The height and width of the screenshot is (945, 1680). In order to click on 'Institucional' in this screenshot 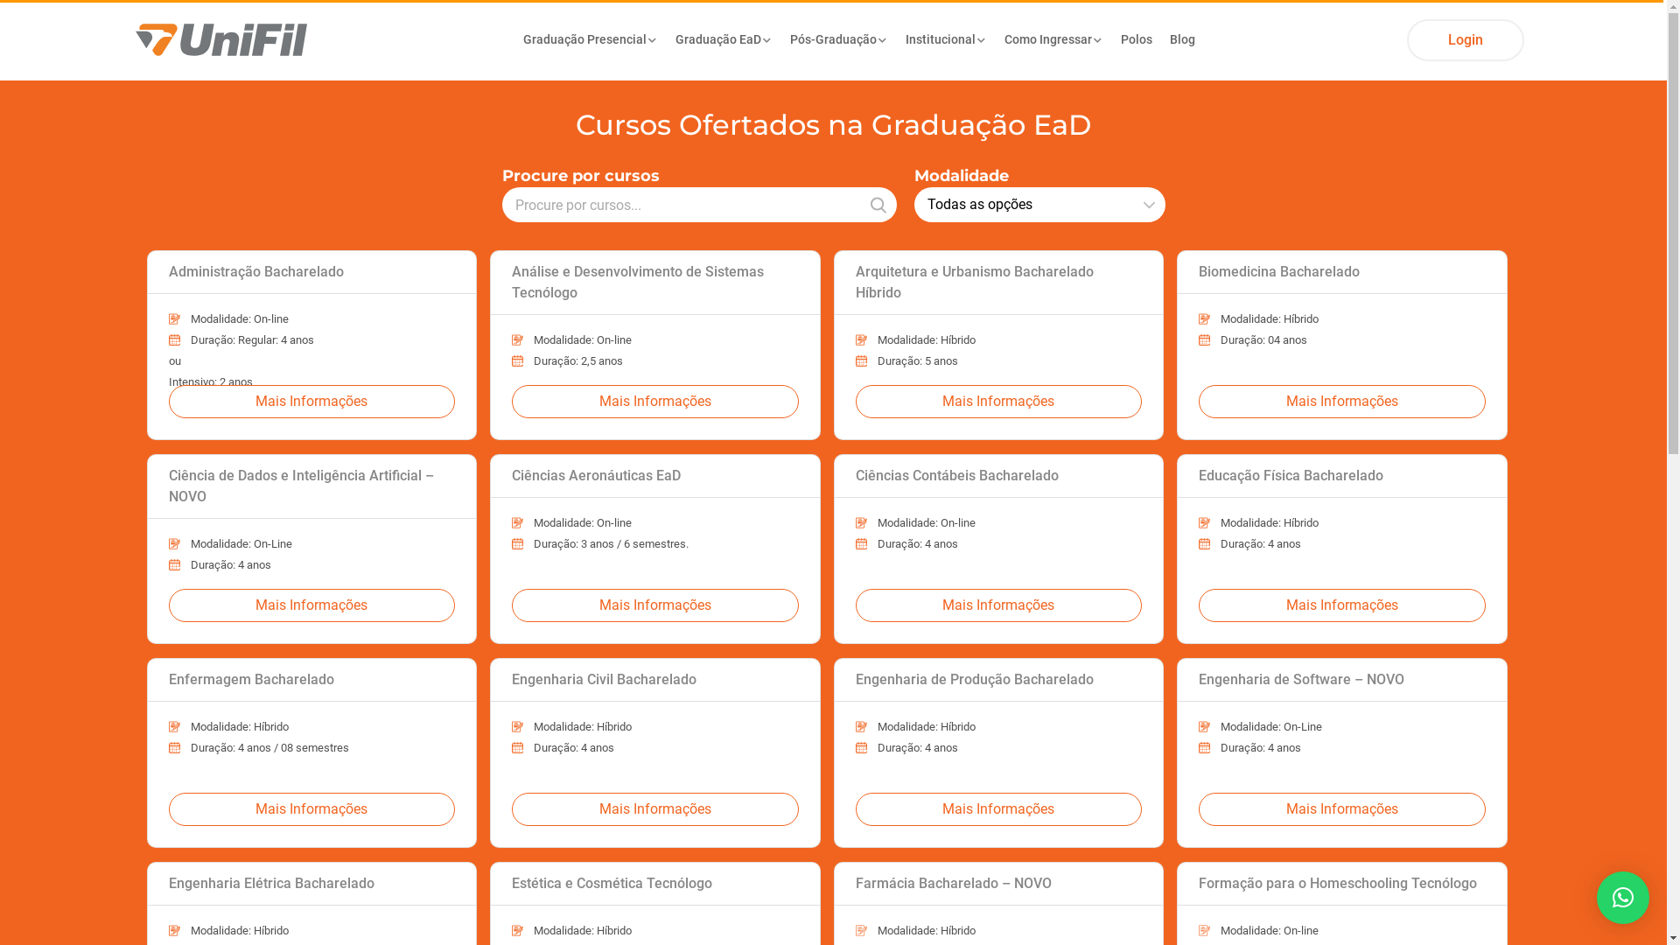, I will do `click(906, 39)`.